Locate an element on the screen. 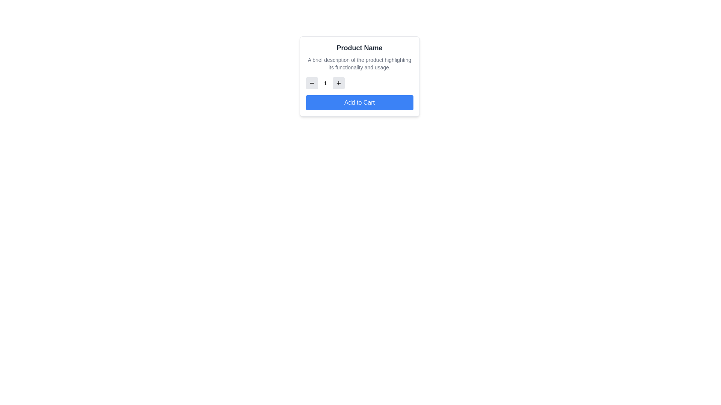 This screenshot has width=721, height=405. the button located at the bottom of the product card layout is located at coordinates (359, 102).